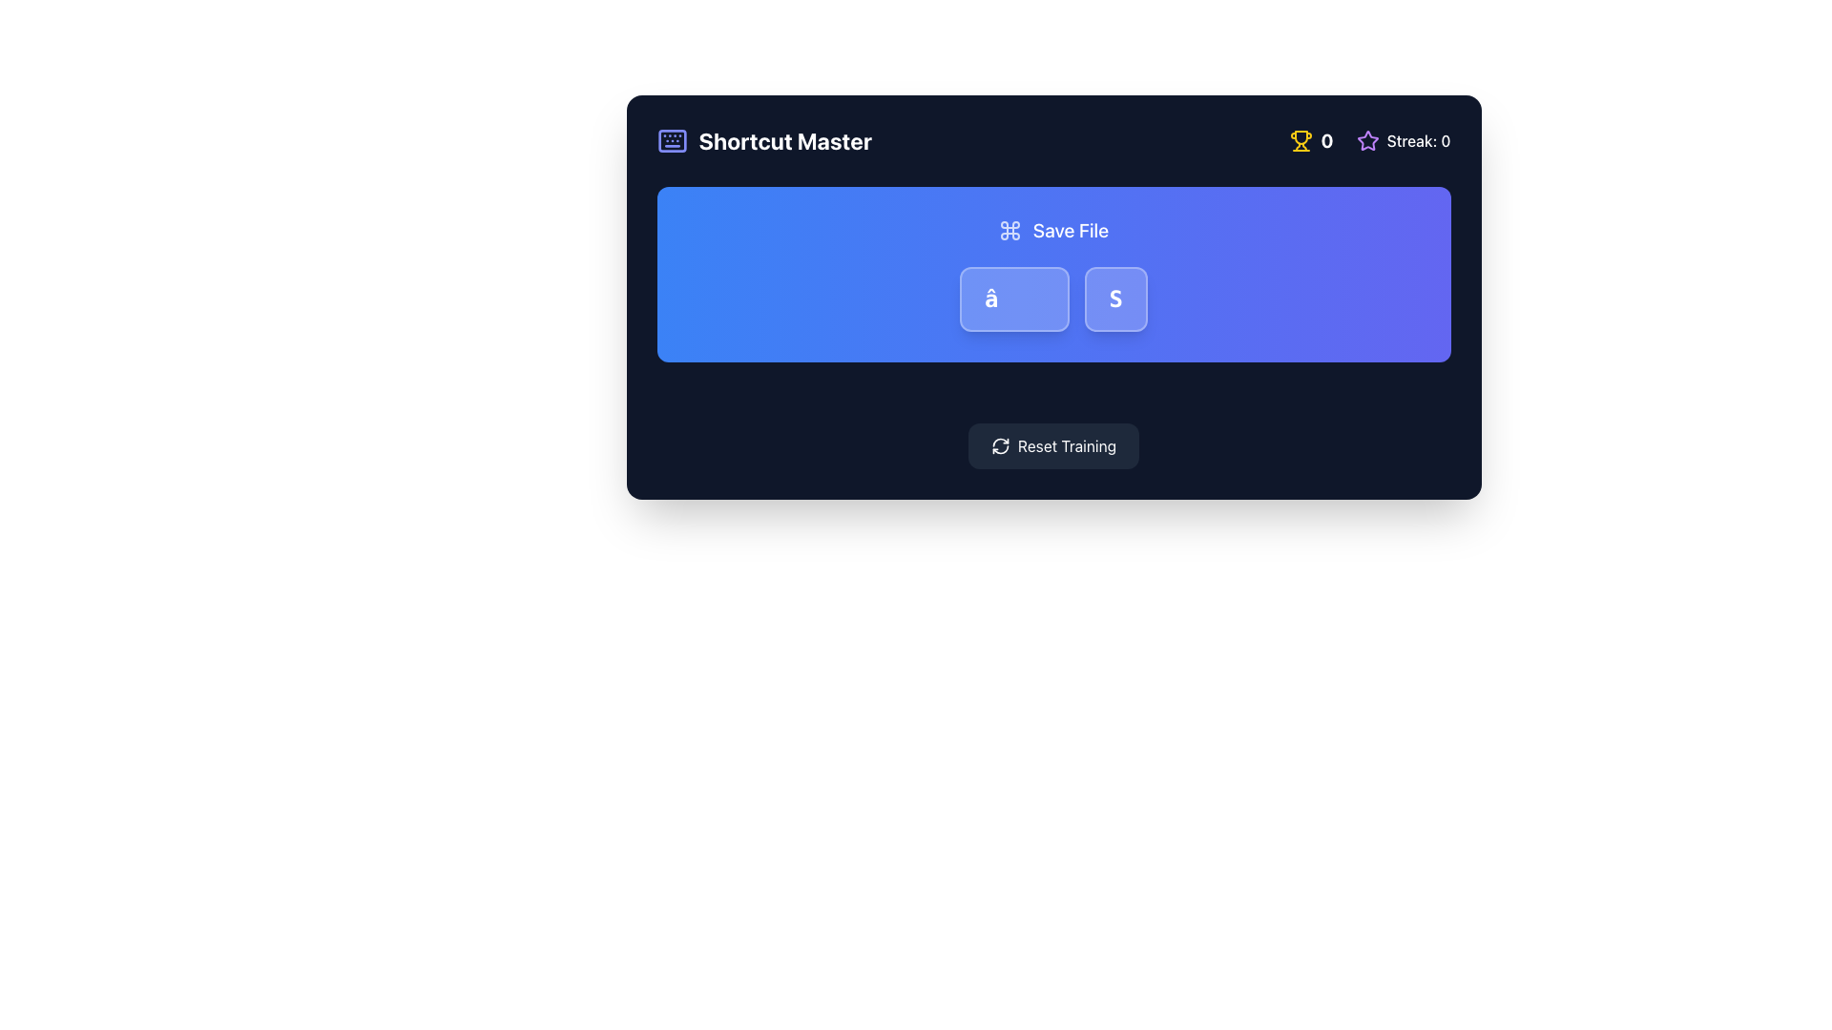  What do you see at coordinates (1052, 230) in the screenshot?
I see `the Label representing the keyboard shortcut for 'Save File', which displays the command key and 'S' key, located above the white keyboard icons labeled '⌘' and 'S'` at bounding box center [1052, 230].